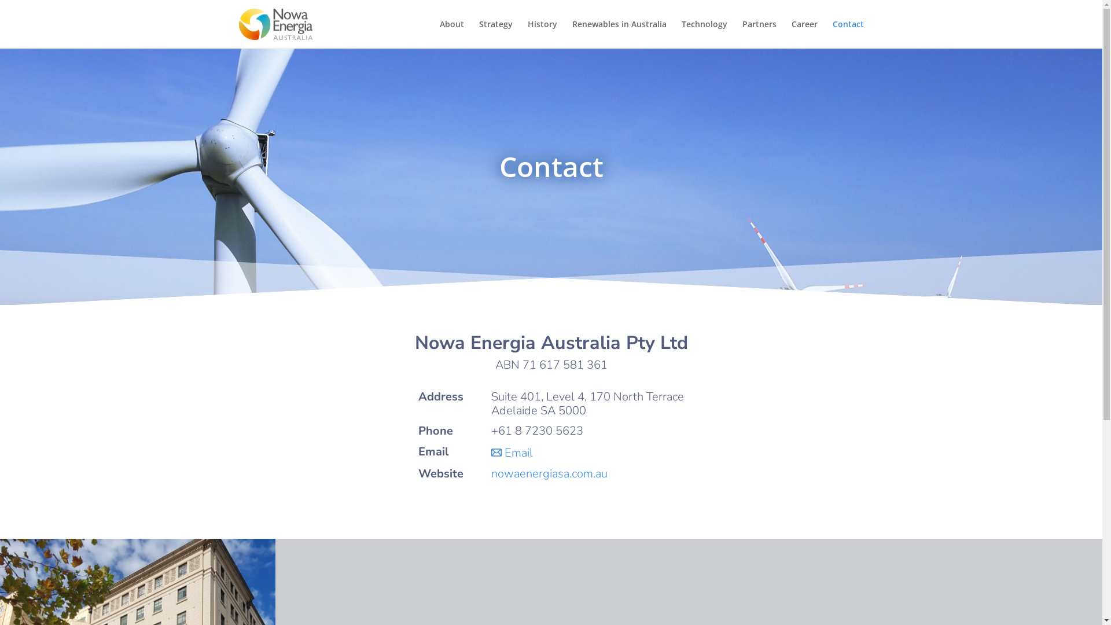 Image resolution: width=1111 pixels, height=625 pixels. I want to click on 'nowaenergiasa.com.au', so click(491, 473).